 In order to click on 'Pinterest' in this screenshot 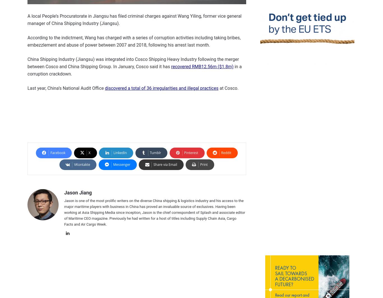, I will do `click(190, 153)`.